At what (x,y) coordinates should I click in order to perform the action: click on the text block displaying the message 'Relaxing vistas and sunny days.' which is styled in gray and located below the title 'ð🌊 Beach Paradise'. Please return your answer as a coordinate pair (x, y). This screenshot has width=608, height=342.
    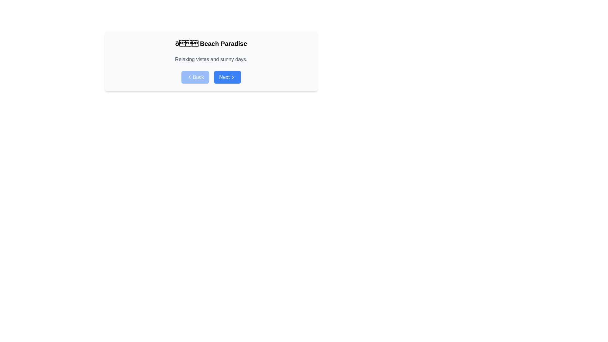
    Looking at the image, I should click on (211, 60).